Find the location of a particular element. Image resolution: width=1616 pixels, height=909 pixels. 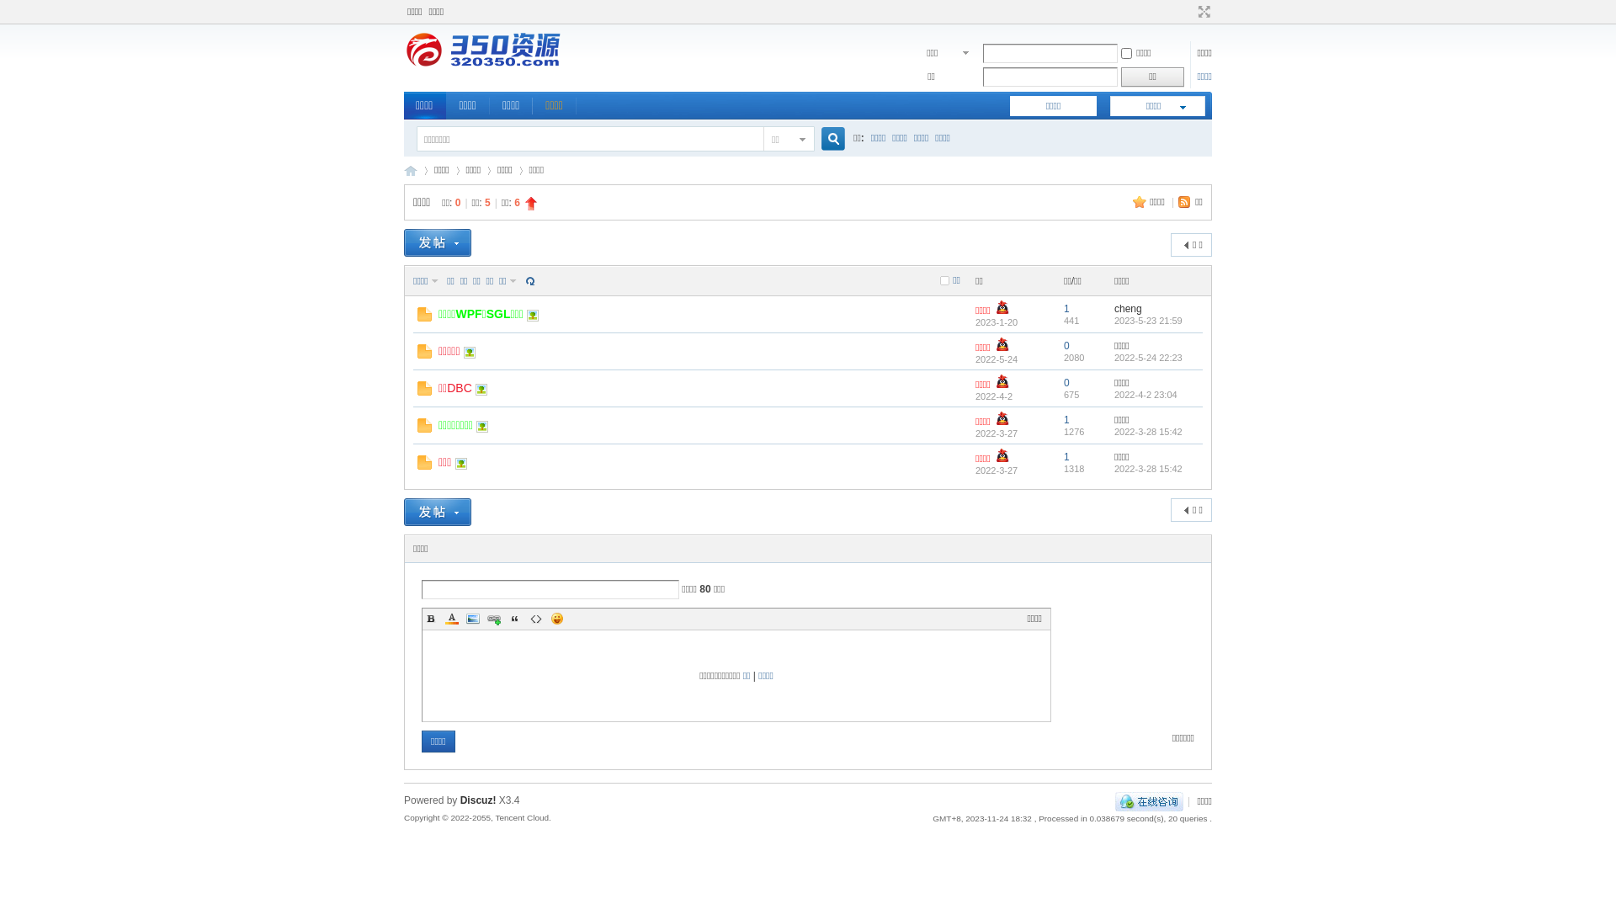

'Code' is located at coordinates (535, 619).